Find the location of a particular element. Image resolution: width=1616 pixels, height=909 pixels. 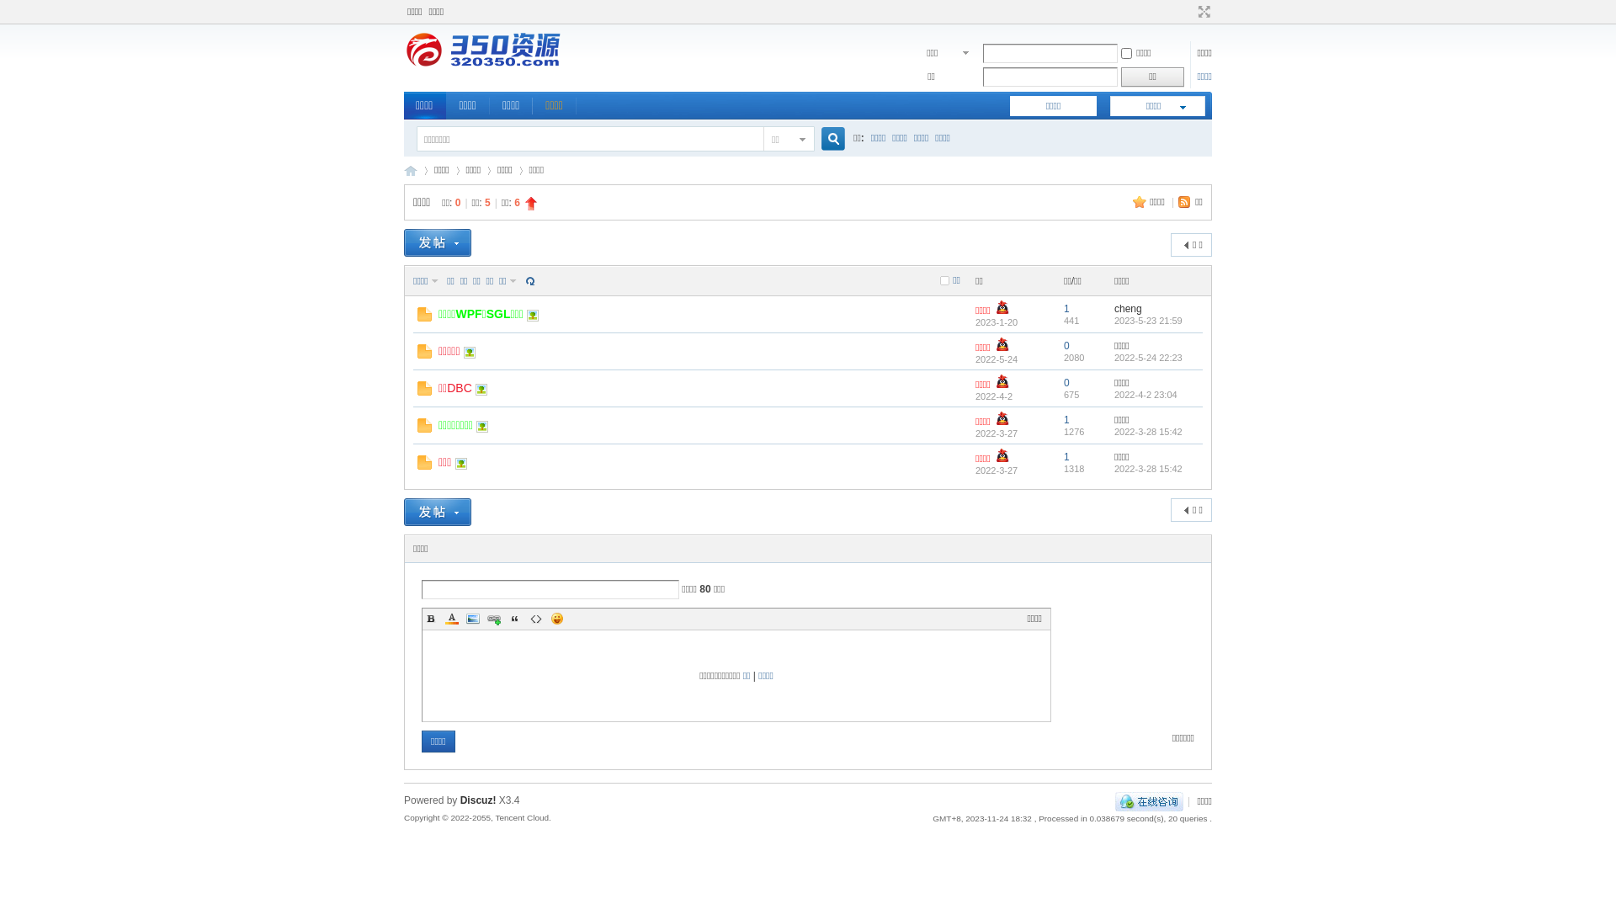

'Code' is located at coordinates (535, 619).